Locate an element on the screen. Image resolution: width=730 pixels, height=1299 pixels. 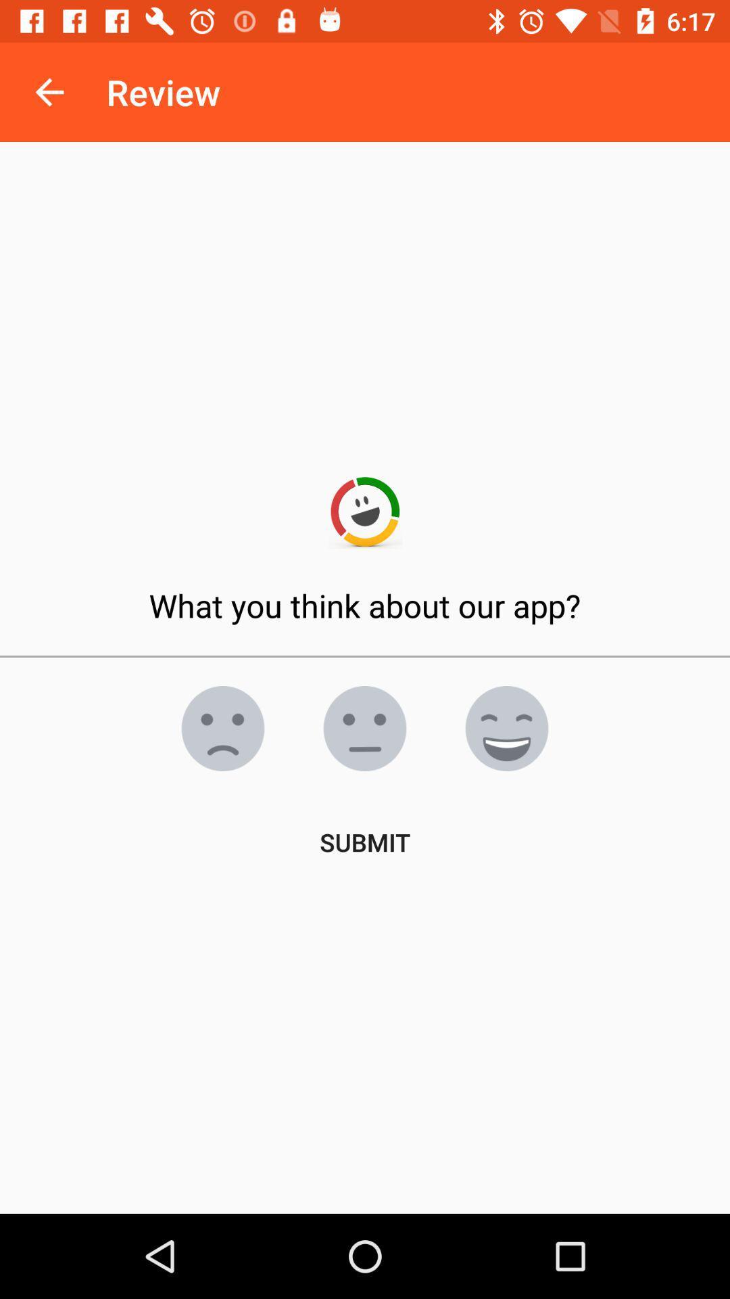
see is located at coordinates (222, 727).